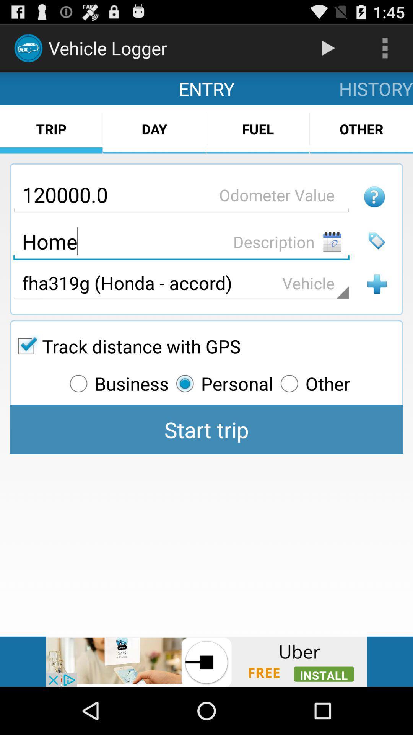 Image resolution: width=413 pixels, height=735 pixels. Describe the element at coordinates (206, 661) in the screenshot. I see `install option` at that location.